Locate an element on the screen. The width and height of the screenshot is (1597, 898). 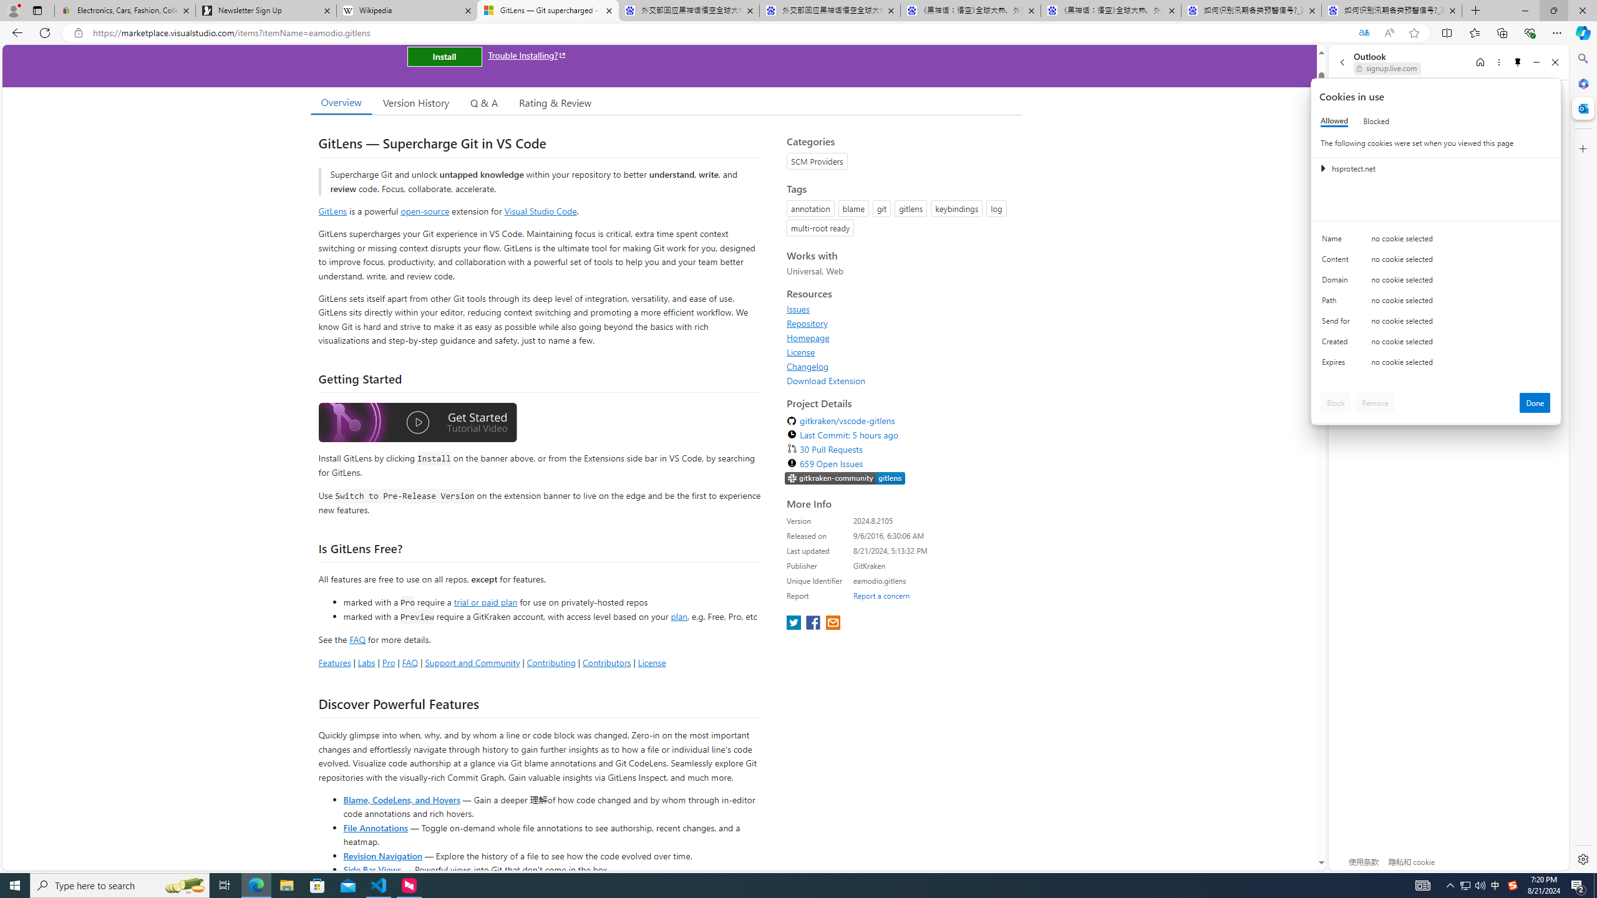
'Block' is located at coordinates (1335, 403).